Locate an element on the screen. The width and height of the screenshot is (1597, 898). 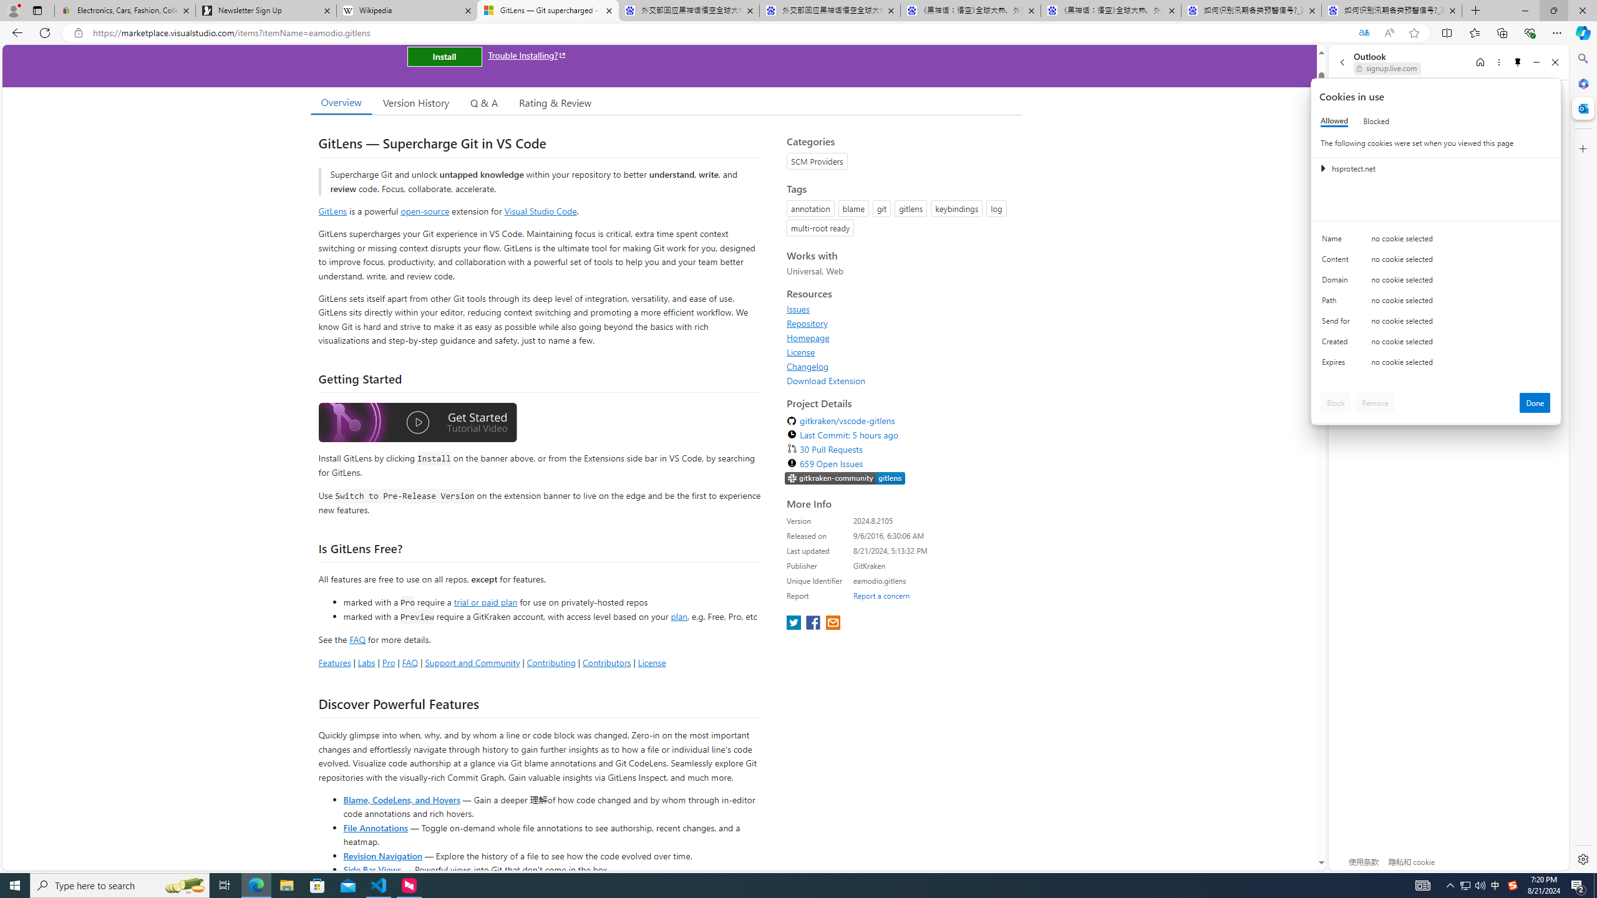
'Block' is located at coordinates (1335, 403).